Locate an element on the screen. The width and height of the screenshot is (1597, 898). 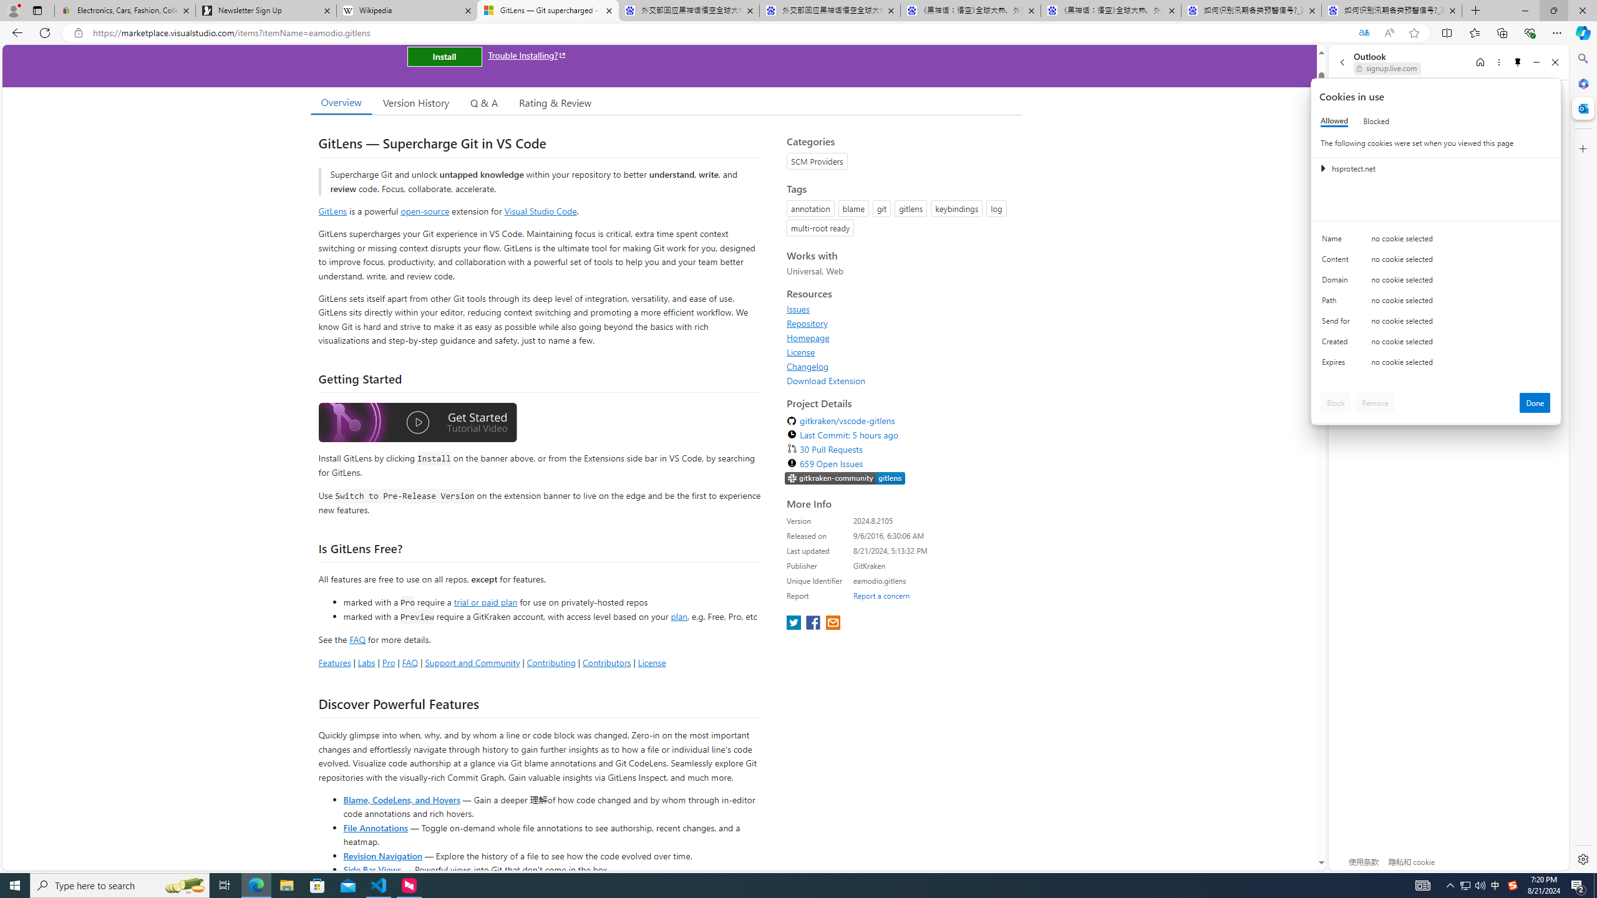
'Block' is located at coordinates (1335, 403).